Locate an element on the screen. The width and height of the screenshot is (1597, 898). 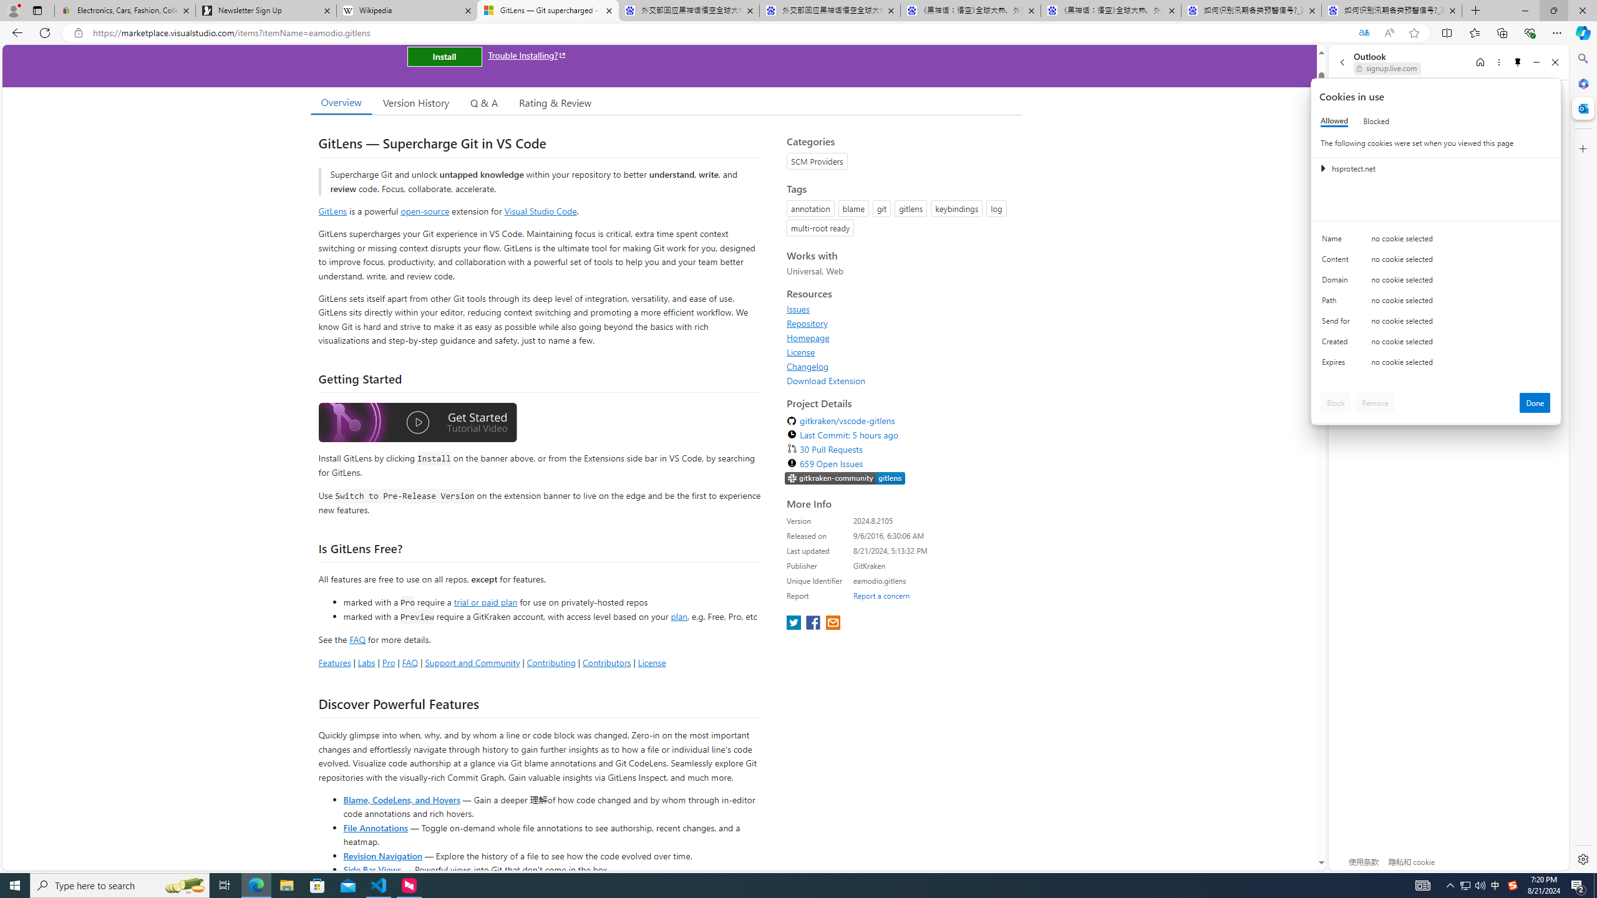
'Block' is located at coordinates (1335, 403).